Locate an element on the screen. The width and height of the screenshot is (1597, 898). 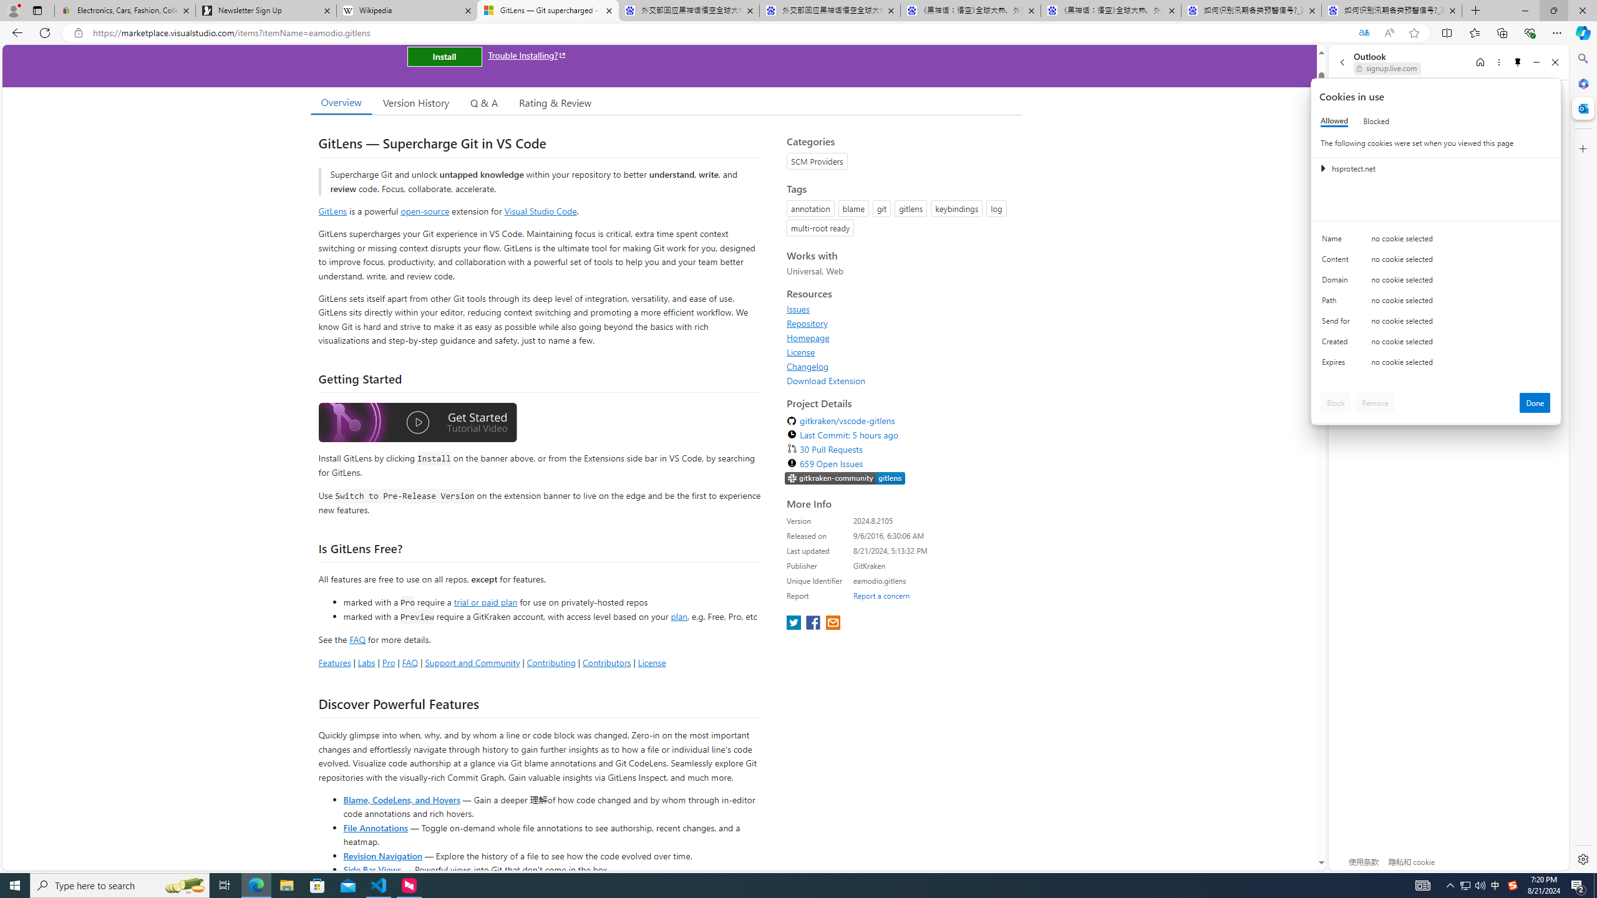
'Block' is located at coordinates (1335, 403).